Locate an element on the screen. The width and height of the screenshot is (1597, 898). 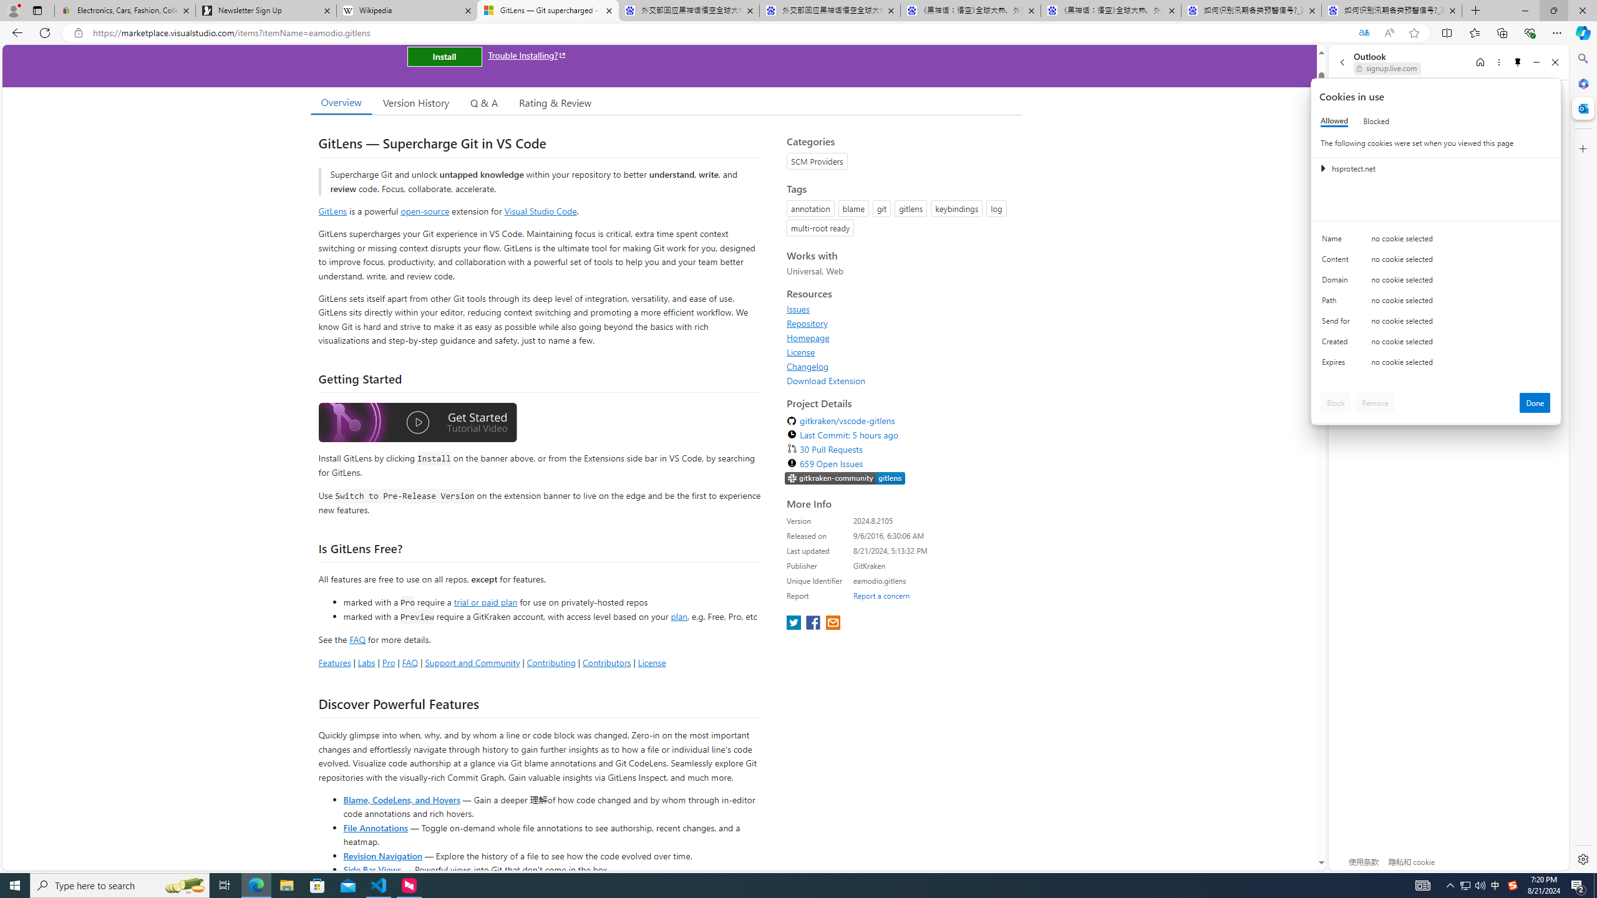
'Block' is located at coordinates (1335, 403).